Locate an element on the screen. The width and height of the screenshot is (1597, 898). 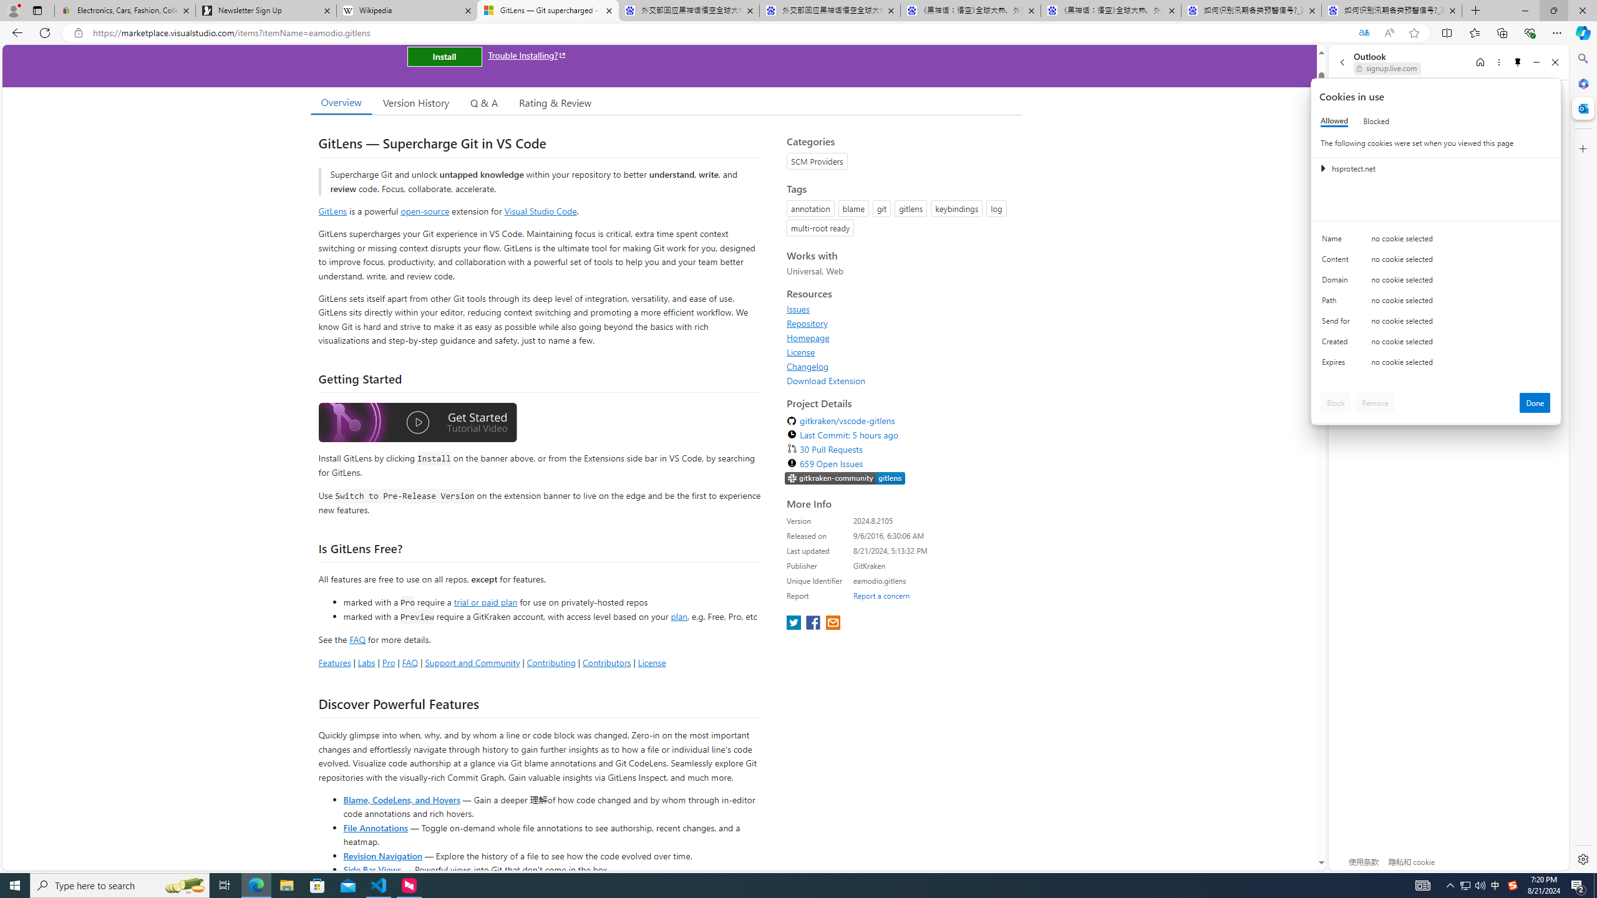
'Block' is located at coordinates (1335, 403).